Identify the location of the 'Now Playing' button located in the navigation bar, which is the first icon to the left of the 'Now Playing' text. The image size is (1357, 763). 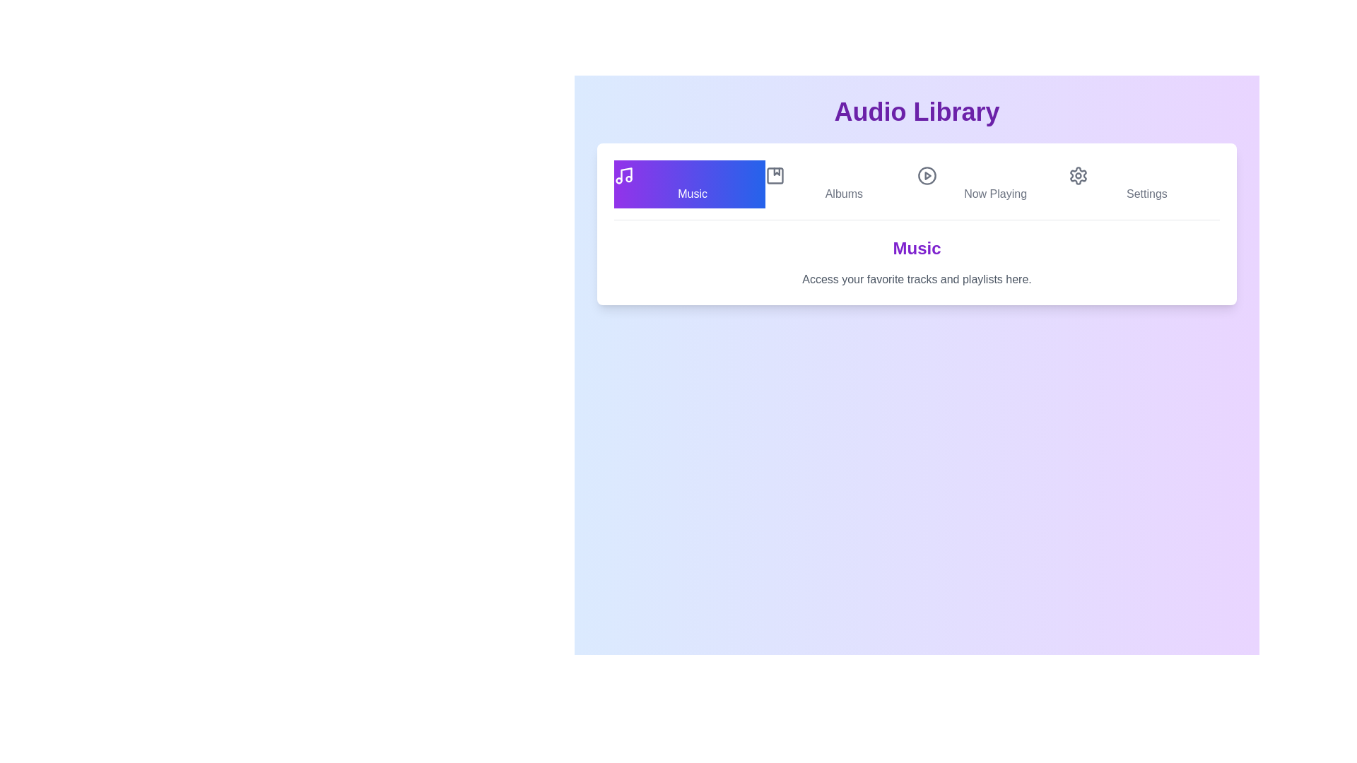
(927, 175).